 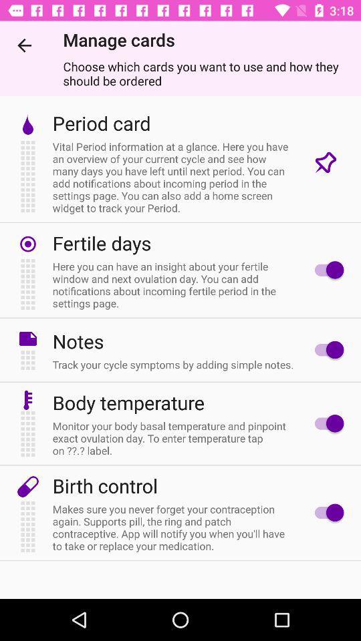 I want to click on fertile days option, so click(x=325, y=269).